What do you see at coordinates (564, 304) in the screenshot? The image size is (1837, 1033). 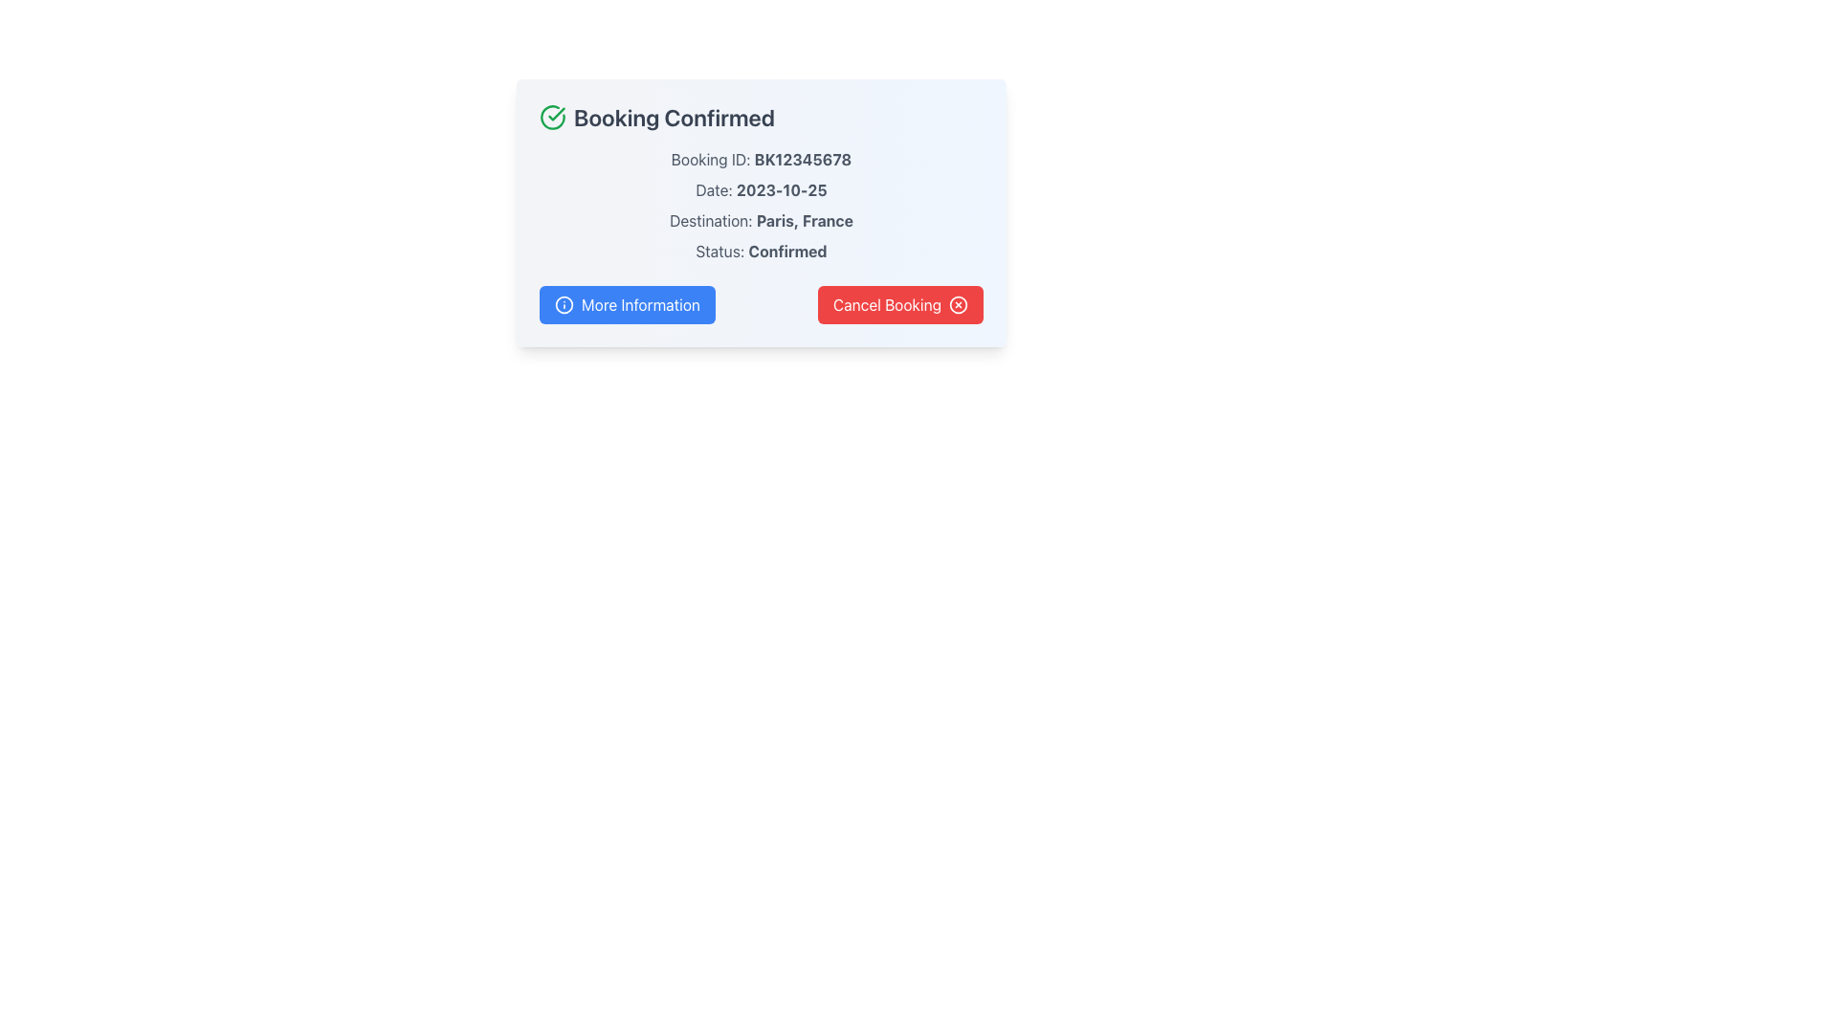 I see `the small circle within the alert or information icon, which is located to the left of the 'More Information' button in the confirmation message section` at bounding box center [564, 304].